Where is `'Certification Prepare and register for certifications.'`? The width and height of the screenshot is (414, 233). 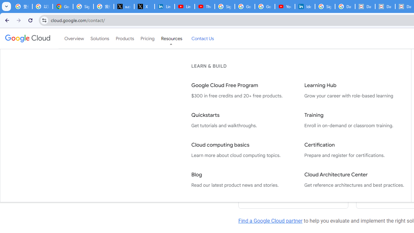
'Certification Prepare and register for certifications.' is located at coordinates (354, 150).